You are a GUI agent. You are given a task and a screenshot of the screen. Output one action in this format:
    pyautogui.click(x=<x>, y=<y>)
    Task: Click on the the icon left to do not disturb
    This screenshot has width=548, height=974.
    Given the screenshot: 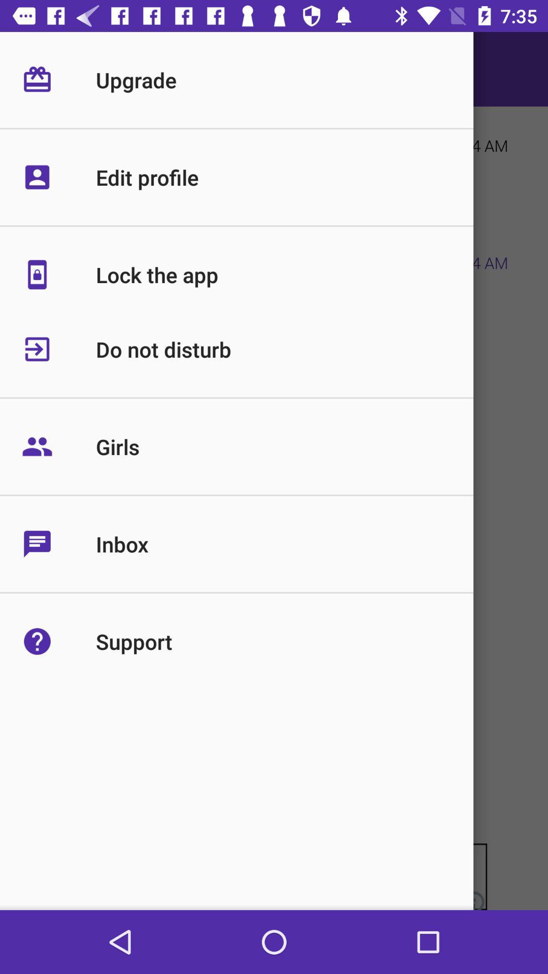 What is the action you would take?
    pyautogui.click(x=58, y=349)
    